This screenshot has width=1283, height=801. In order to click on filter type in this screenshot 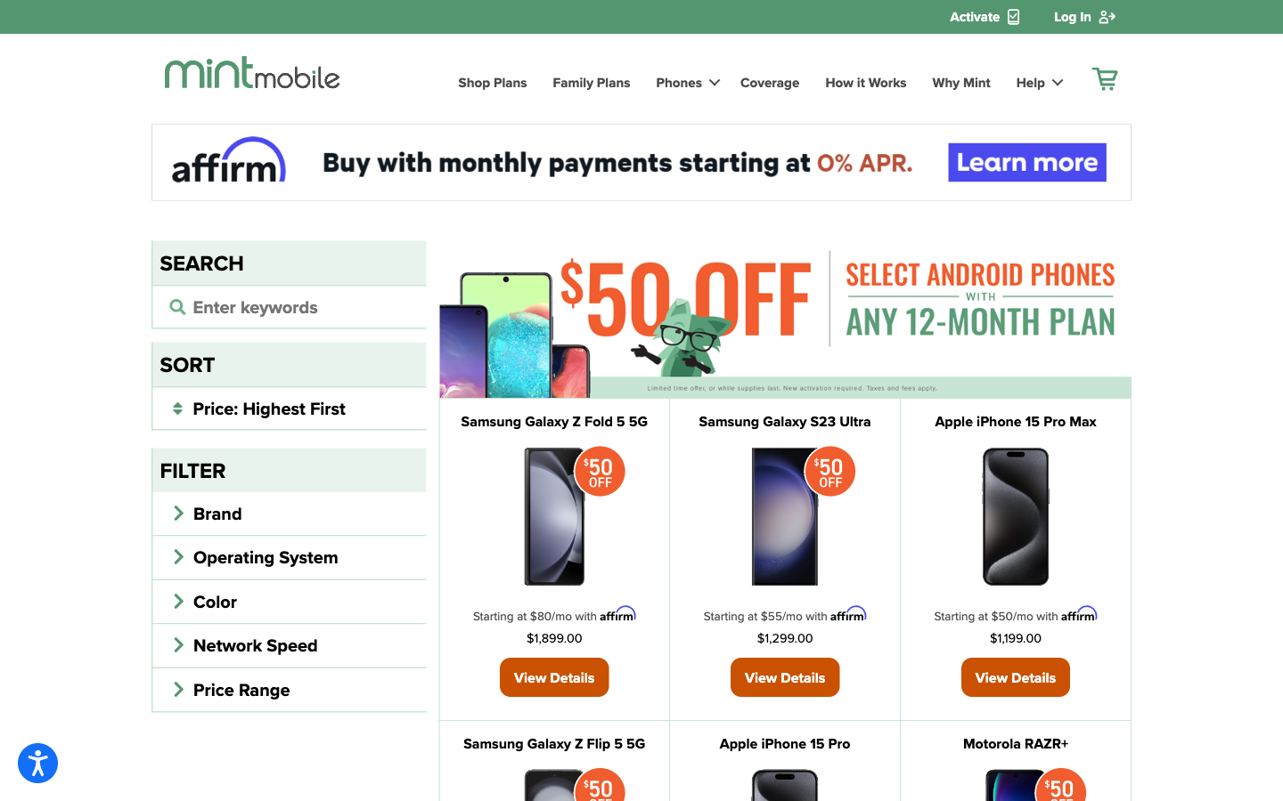, I will do `click(289, 407)`.